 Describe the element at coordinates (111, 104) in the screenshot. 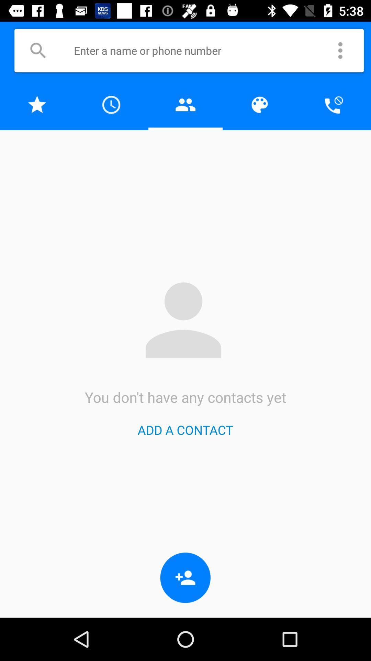

I see `navigate to call history` at that location.